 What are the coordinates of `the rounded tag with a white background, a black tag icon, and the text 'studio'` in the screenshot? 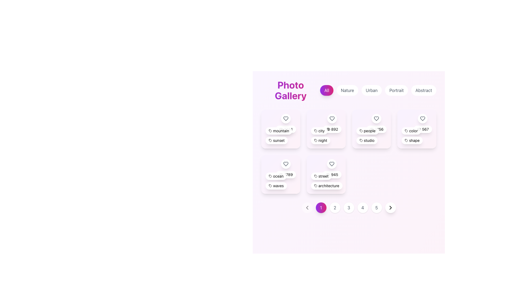 It's located at (367, 140).